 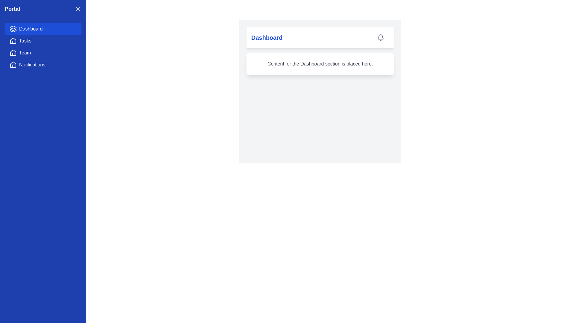 I want to click on the house-shaped icon outlined in white, which is filled with blue and located in the 'Notifications' section of the sidebar, so click(x=13, y=65).